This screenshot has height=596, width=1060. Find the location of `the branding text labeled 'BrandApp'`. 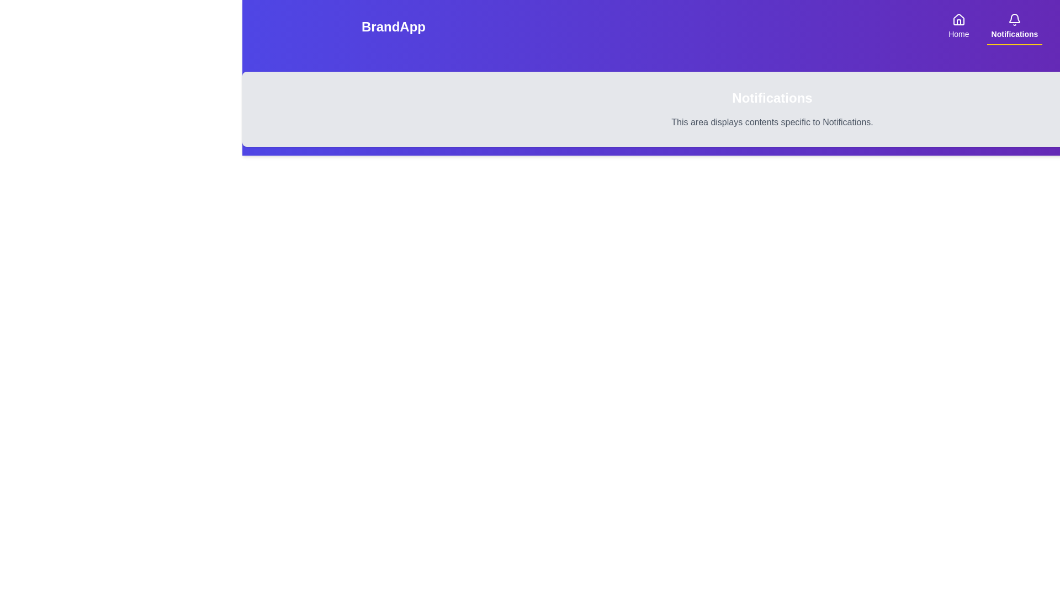

the branding text labeled 'BrandApp' is located at coordinates (394, 26).